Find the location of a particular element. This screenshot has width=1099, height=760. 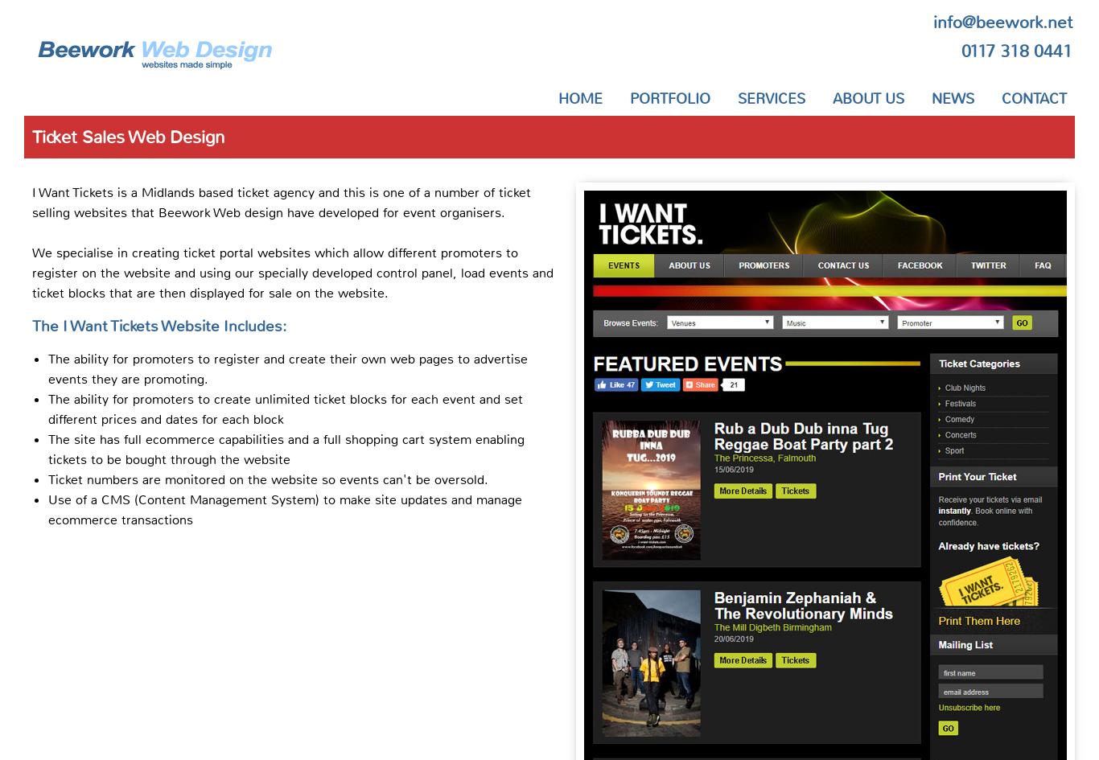

'Ticket Sales Web Design' is located at coordinates (127, 137).